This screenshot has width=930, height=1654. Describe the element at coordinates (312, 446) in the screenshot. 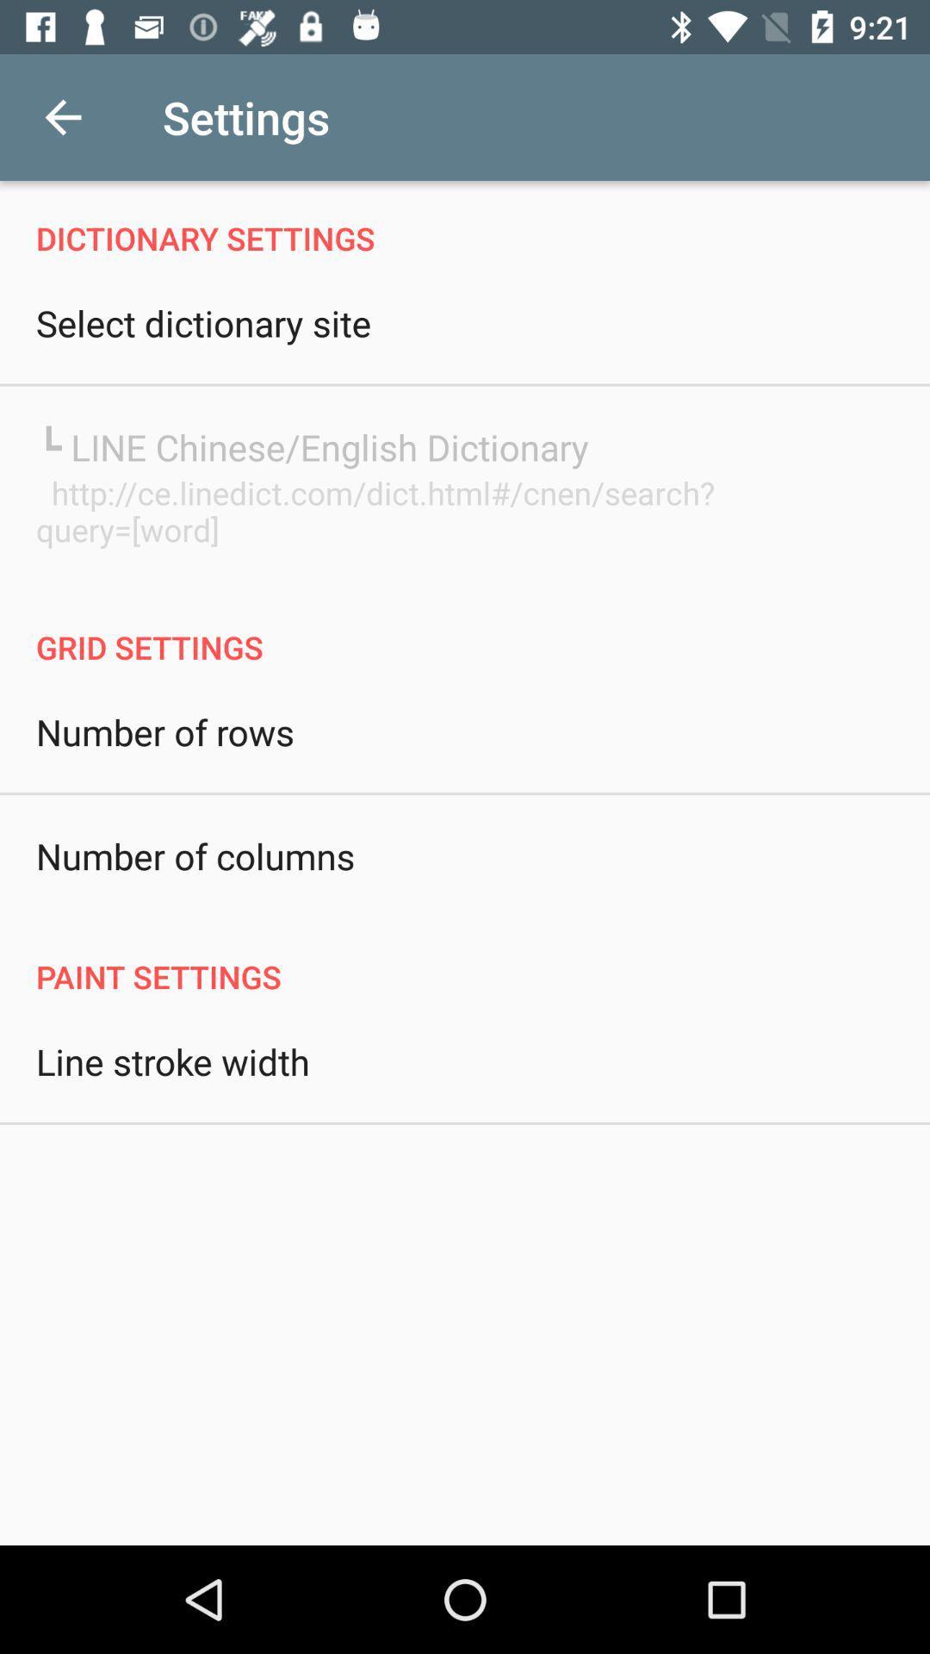

I see `the item below the select dictionary site item` at that location.